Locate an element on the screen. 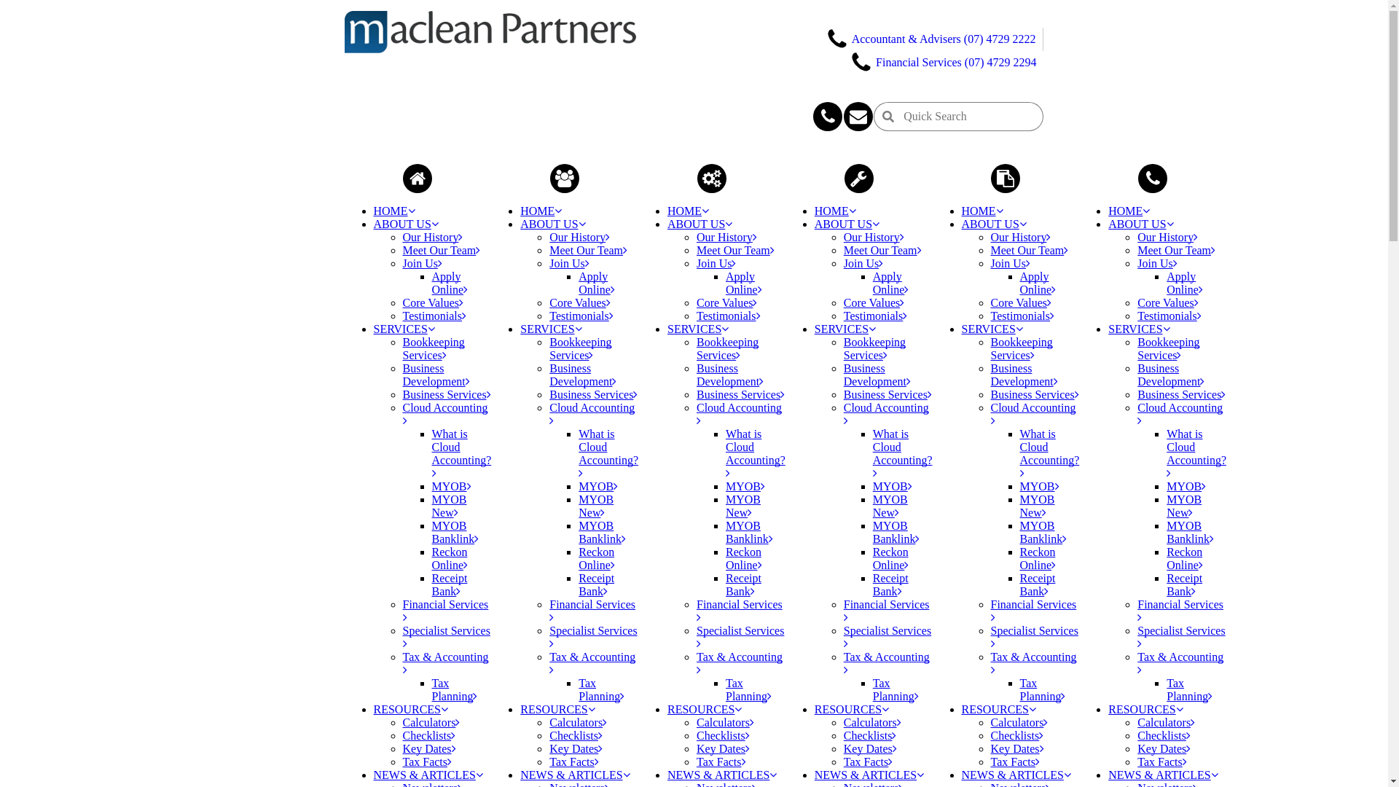  'home' is located at coordinates (402, 178).